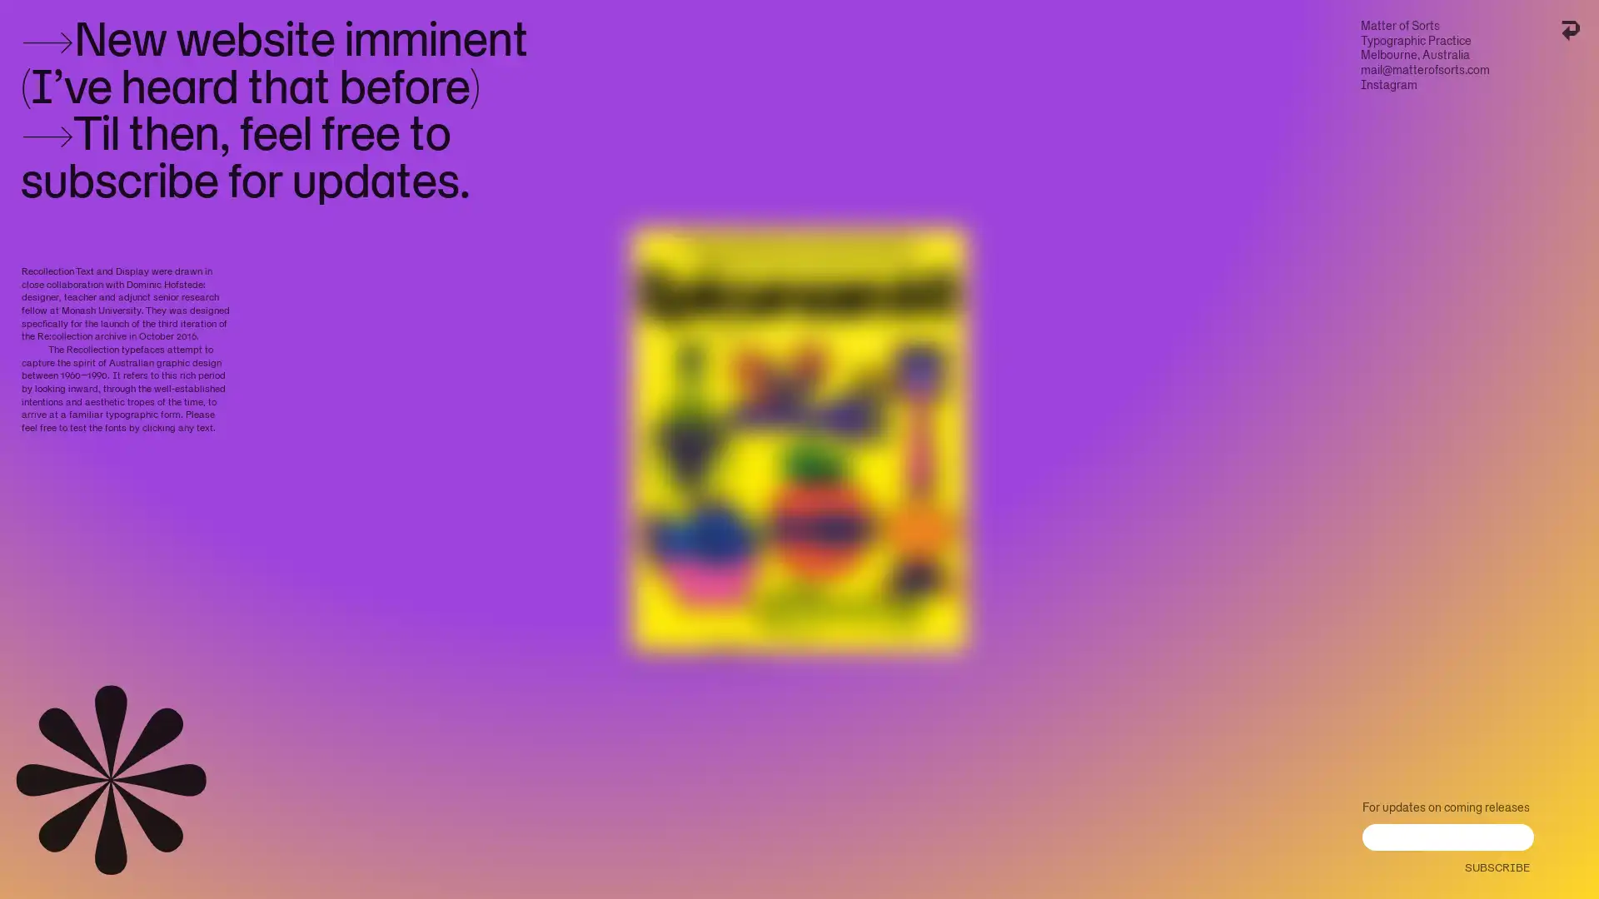 The image size is (1599, 899). What do you see at coordinates (1495, 862) in the screenshot?
I see `Subscribe` at bounding box center [1495, 862].